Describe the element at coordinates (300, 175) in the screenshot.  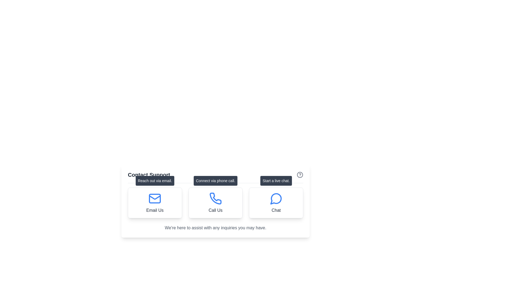
I see `the circular gray icon with a question mark inside, located to the right of the 'Contact Support' section header` at that location.